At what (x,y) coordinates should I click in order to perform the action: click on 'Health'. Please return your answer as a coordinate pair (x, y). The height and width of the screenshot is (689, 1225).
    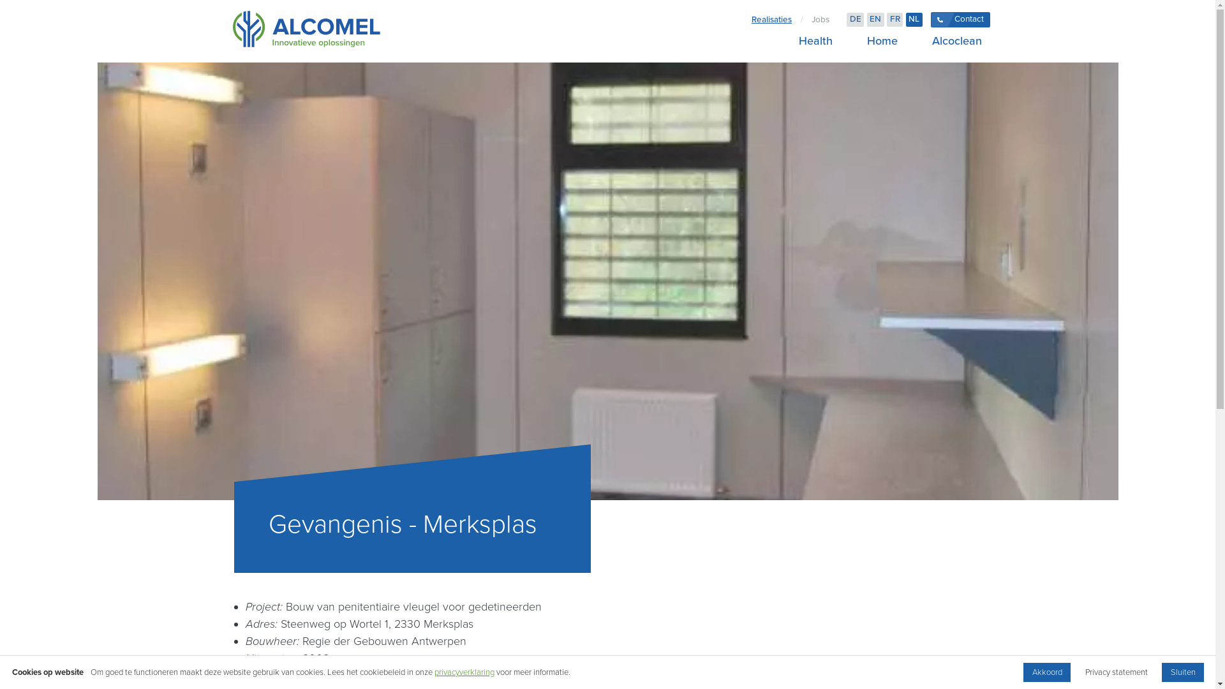
    Looking at the image, I should click on (814, 40).